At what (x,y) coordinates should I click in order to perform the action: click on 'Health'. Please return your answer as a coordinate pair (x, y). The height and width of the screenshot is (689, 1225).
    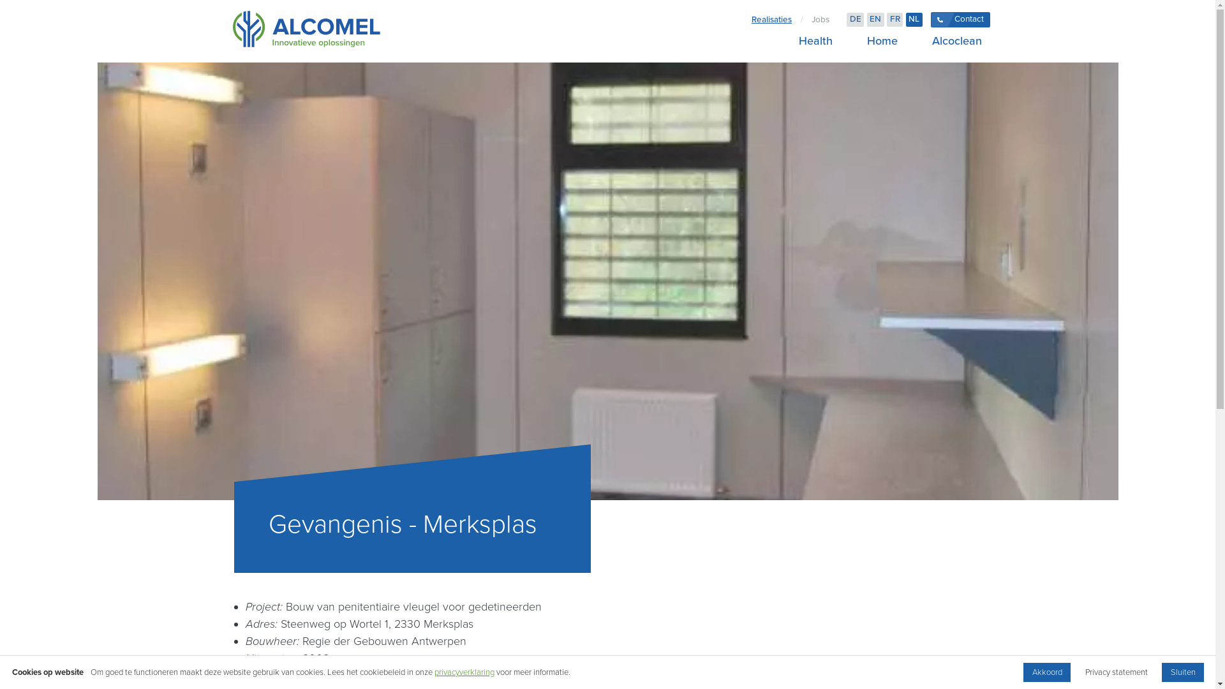
    Looking at the image, I should click on (814, 40).